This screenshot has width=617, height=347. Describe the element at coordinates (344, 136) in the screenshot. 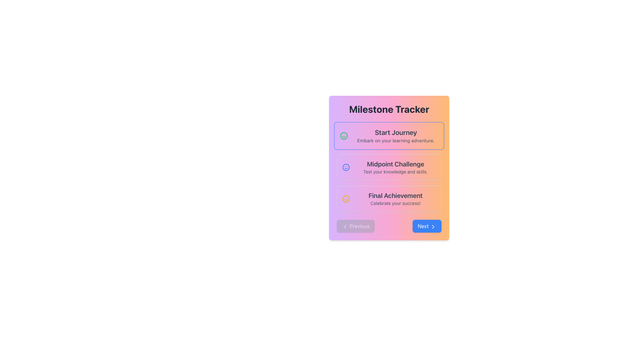

I see `the circular graphic that forms the outline of the smiling face icon in the milestone tracker interface, specifically associated with the 'Start Journey' step` at that location.